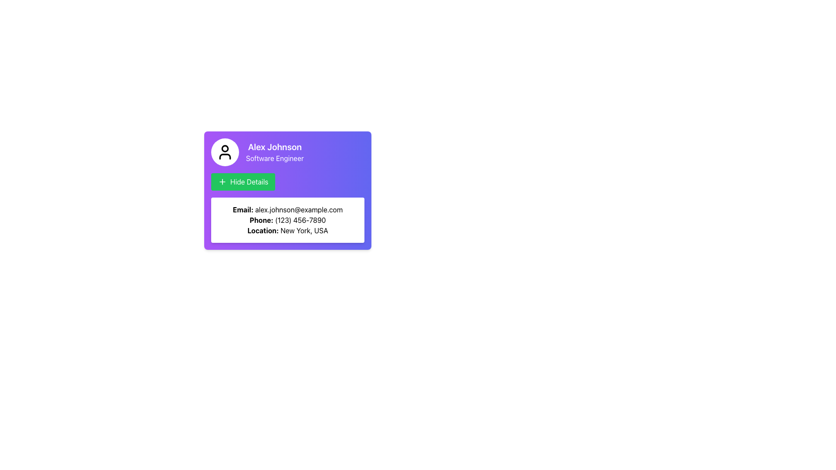 The image size is (836, 470). I want to click on the 'Hide Details' button with a green background and white text located under 'Alex Johnson' to trigger a visual effect, so click(243, 181).